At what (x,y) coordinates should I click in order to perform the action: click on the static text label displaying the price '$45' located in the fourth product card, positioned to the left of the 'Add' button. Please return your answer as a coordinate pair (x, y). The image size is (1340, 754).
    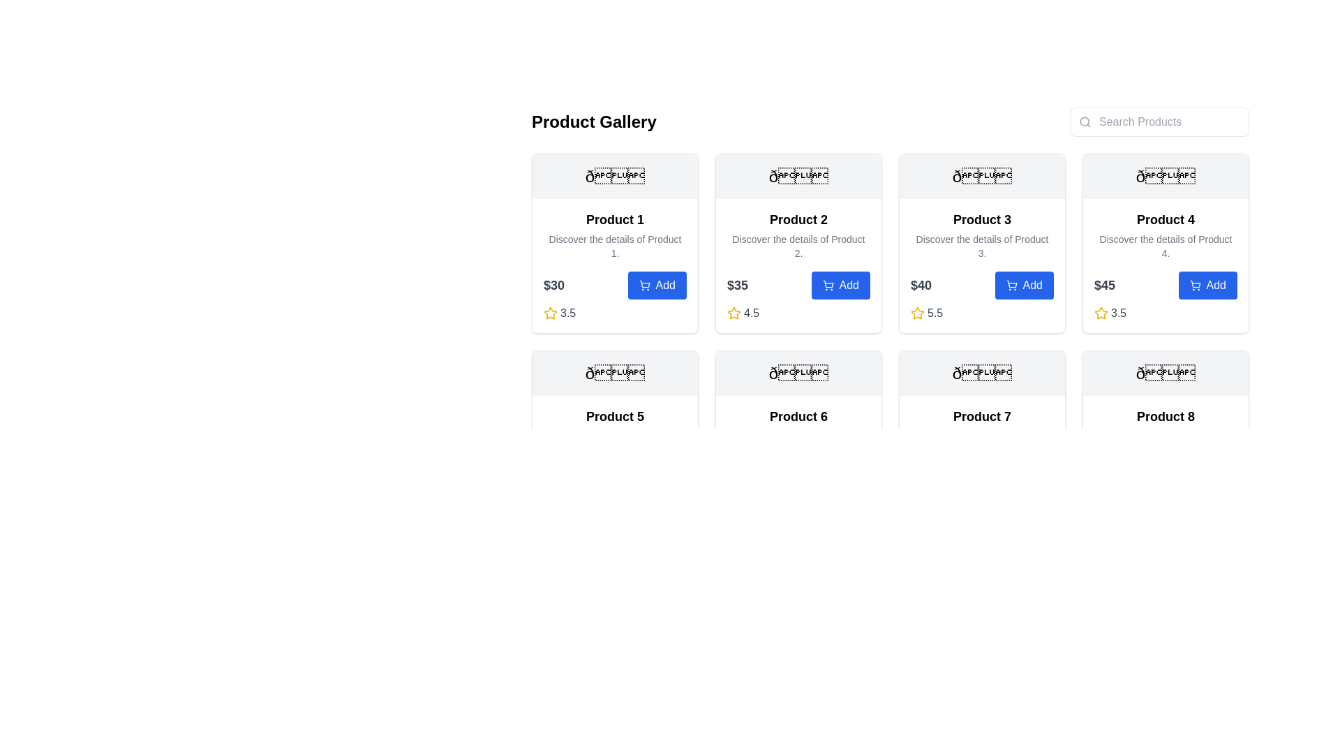
    Looking at the image, I should click on (1104, 284).